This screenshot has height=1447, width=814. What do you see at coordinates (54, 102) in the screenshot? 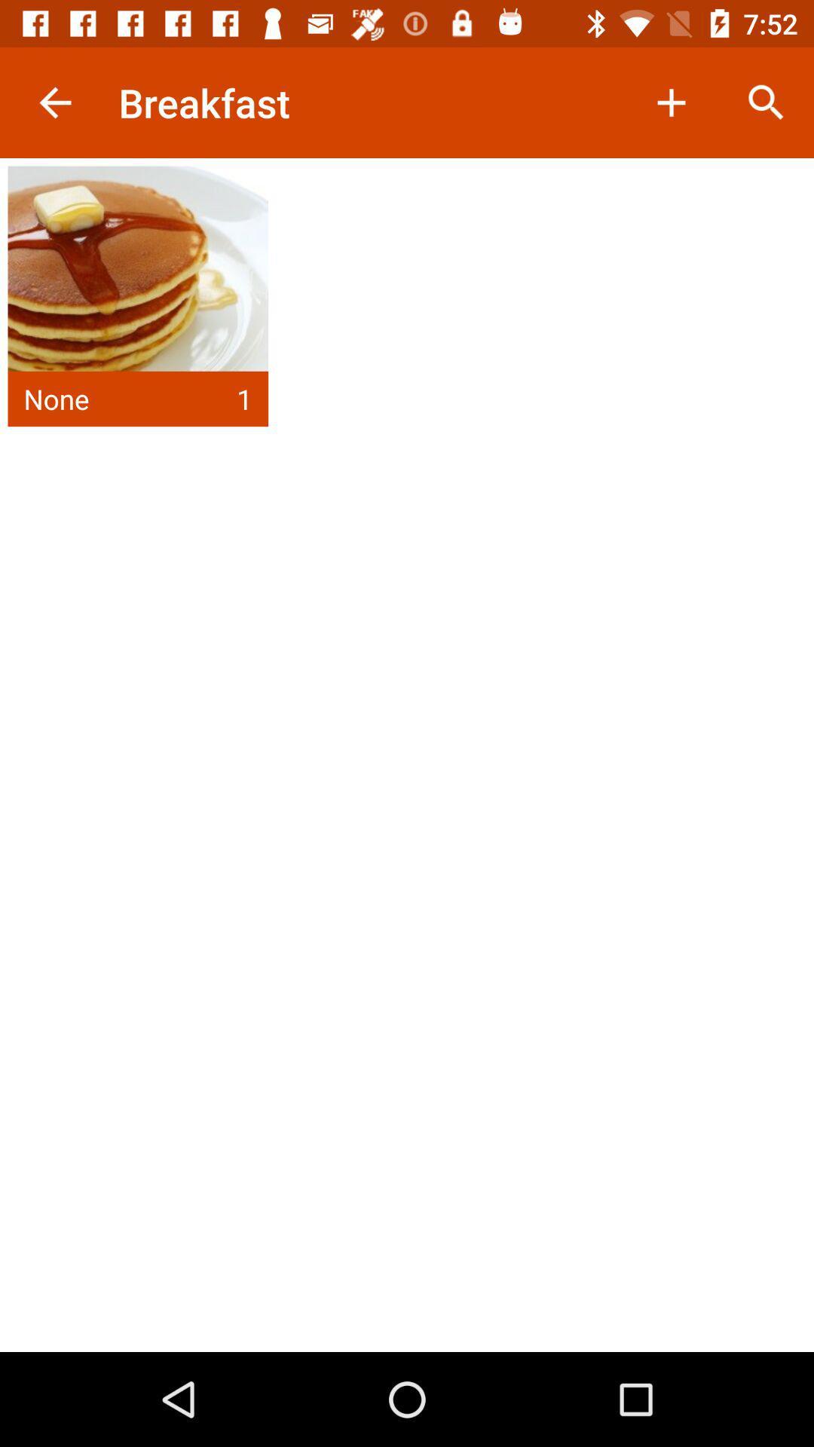
I see `app next to the breakfast item` at bounding box center [54, 102].